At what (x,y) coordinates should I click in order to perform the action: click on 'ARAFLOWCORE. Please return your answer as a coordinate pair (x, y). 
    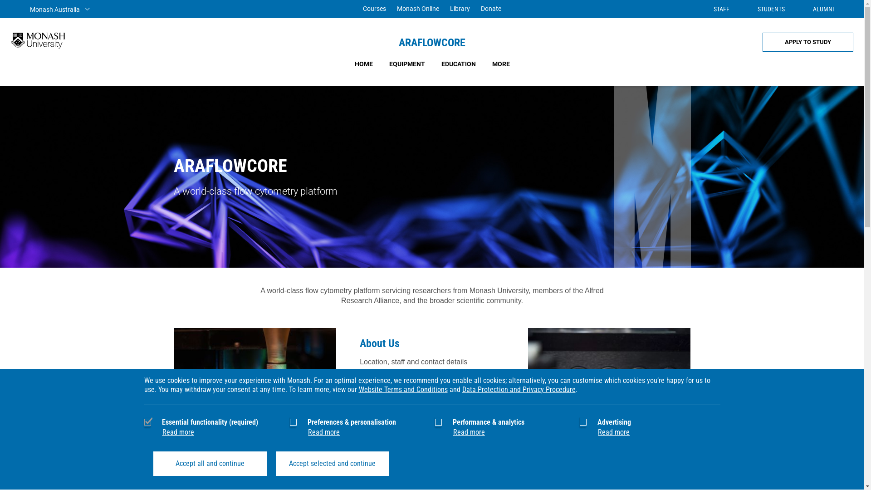
    Looking at the image, I should click on (431, 176).